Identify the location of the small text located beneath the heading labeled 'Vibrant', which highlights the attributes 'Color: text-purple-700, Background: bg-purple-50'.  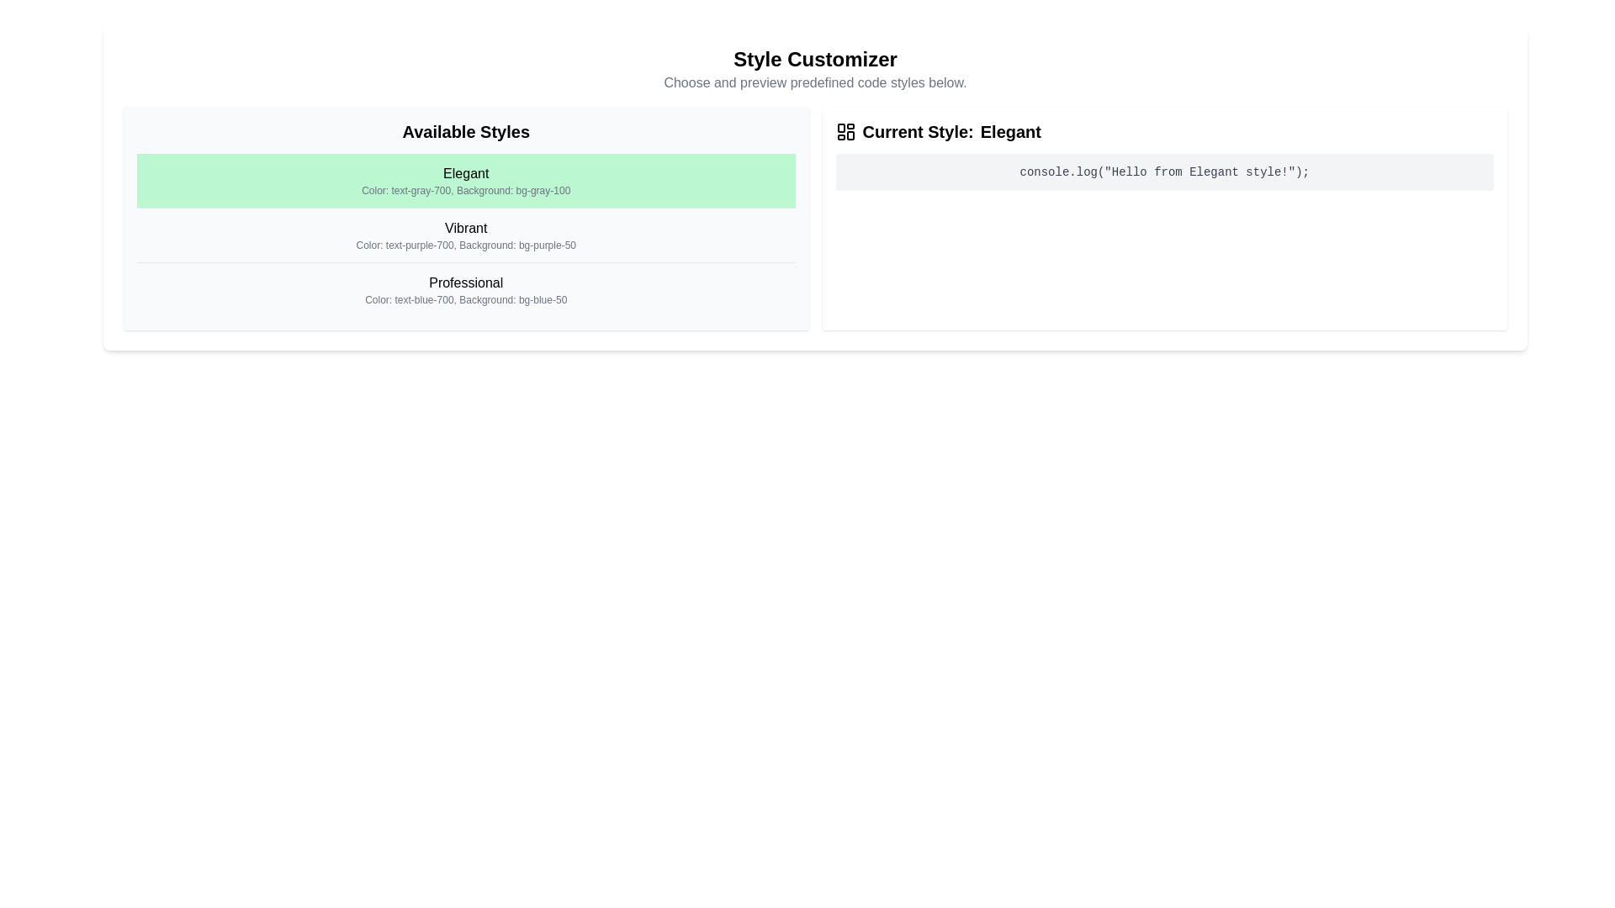
(466, 245).